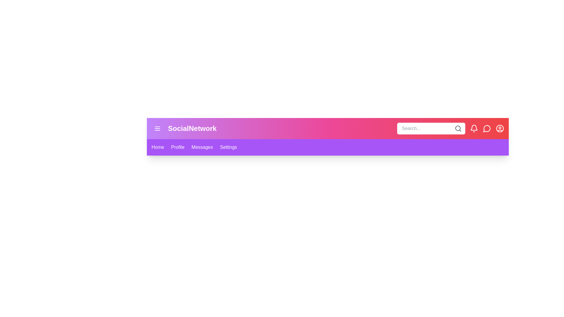 The width and height of the screenshot is (564, 317). Describe the element at coordinates (157, 128) in the screenshot. I see `the menu button to toggle the menu visibility` at that location.